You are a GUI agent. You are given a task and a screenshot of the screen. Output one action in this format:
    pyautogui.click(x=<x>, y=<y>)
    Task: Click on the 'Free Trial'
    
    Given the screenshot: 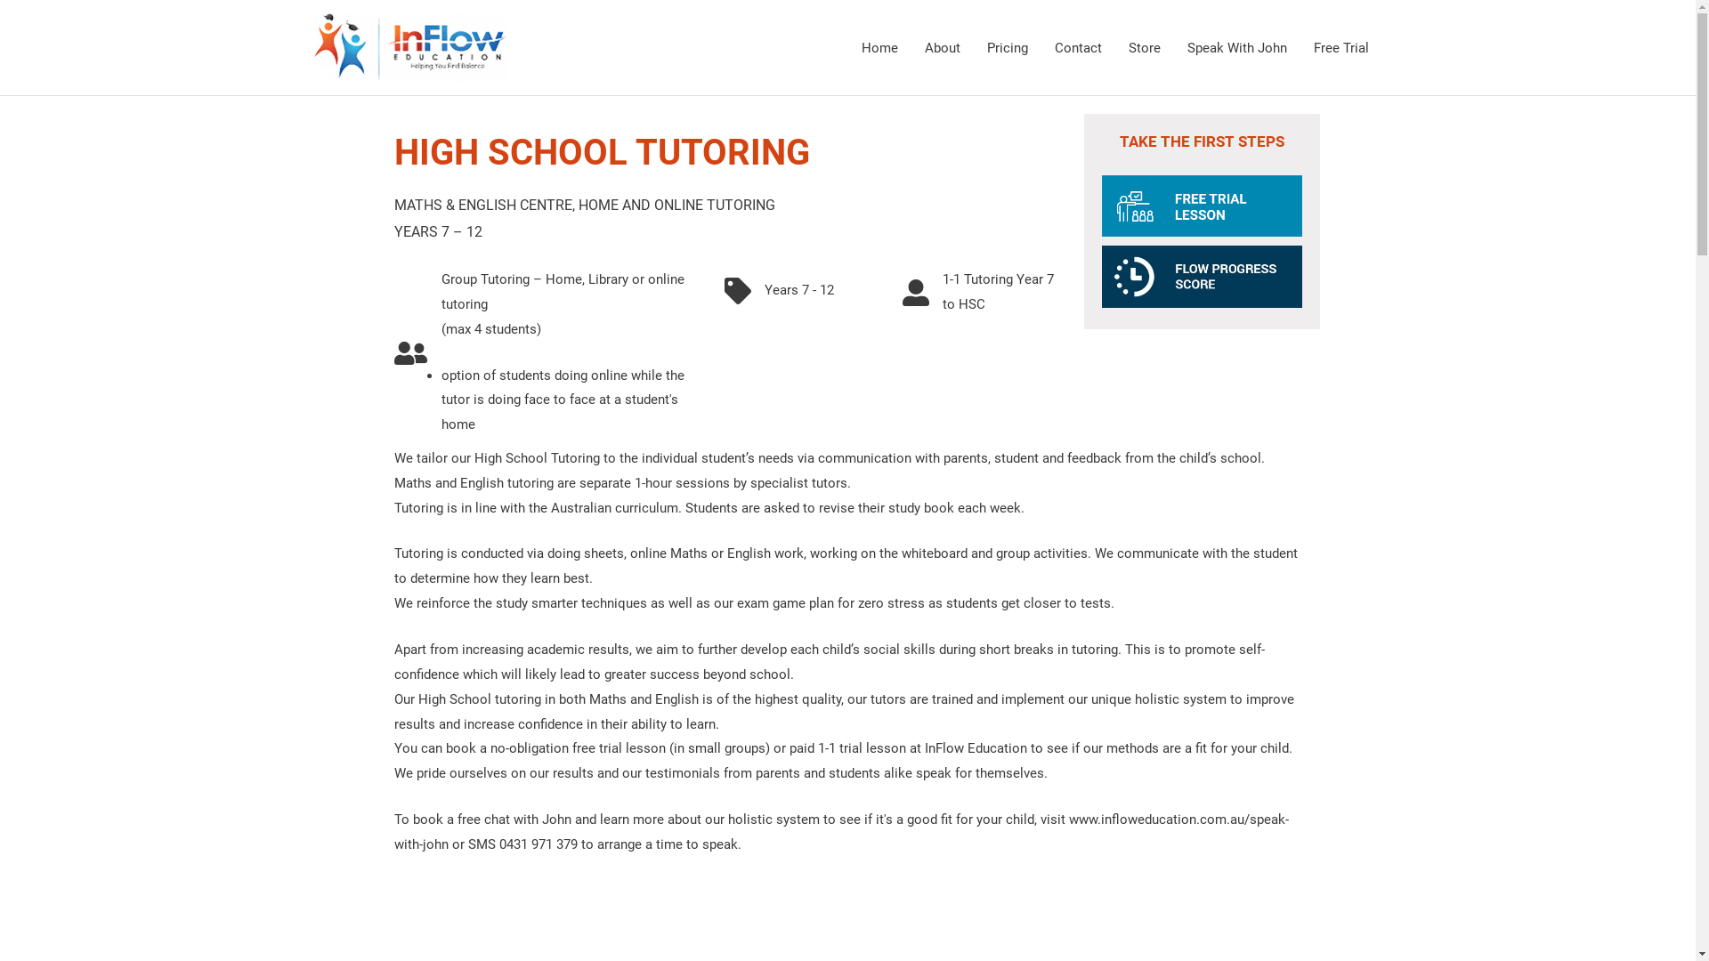 What is the action you would take?
    pyautogui.click(x=1340, y=46)
    